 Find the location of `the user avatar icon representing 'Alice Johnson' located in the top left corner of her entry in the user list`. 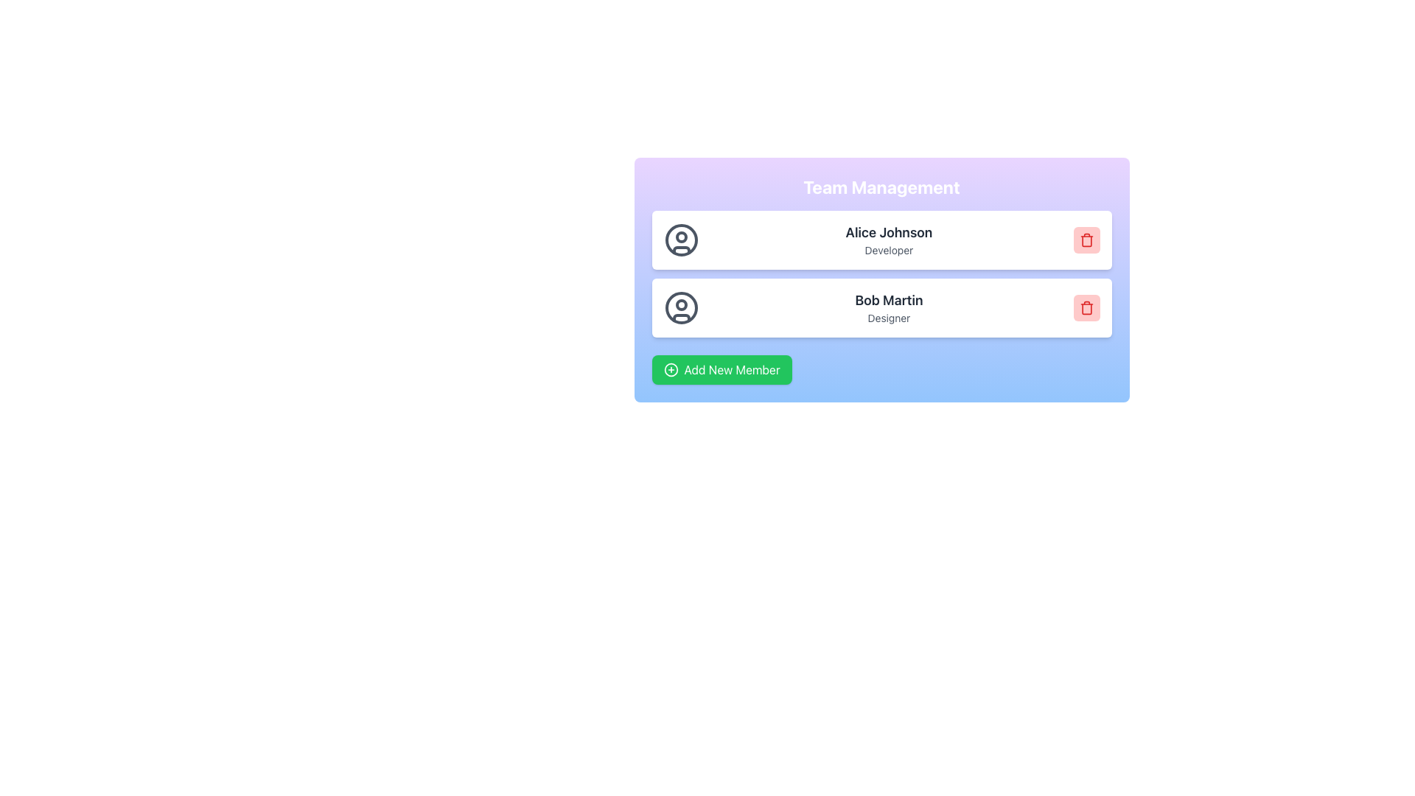

the user avatar icon representing 'Alice Johnson' located in the top left corner of her entry in the user list is located at coordinates (680, 240).